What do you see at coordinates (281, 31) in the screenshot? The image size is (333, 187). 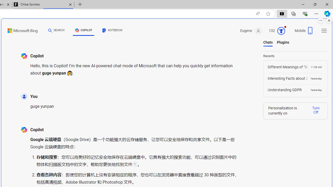 I see `'Class: outer-circle-animation'` at bounding box center [281, 31].